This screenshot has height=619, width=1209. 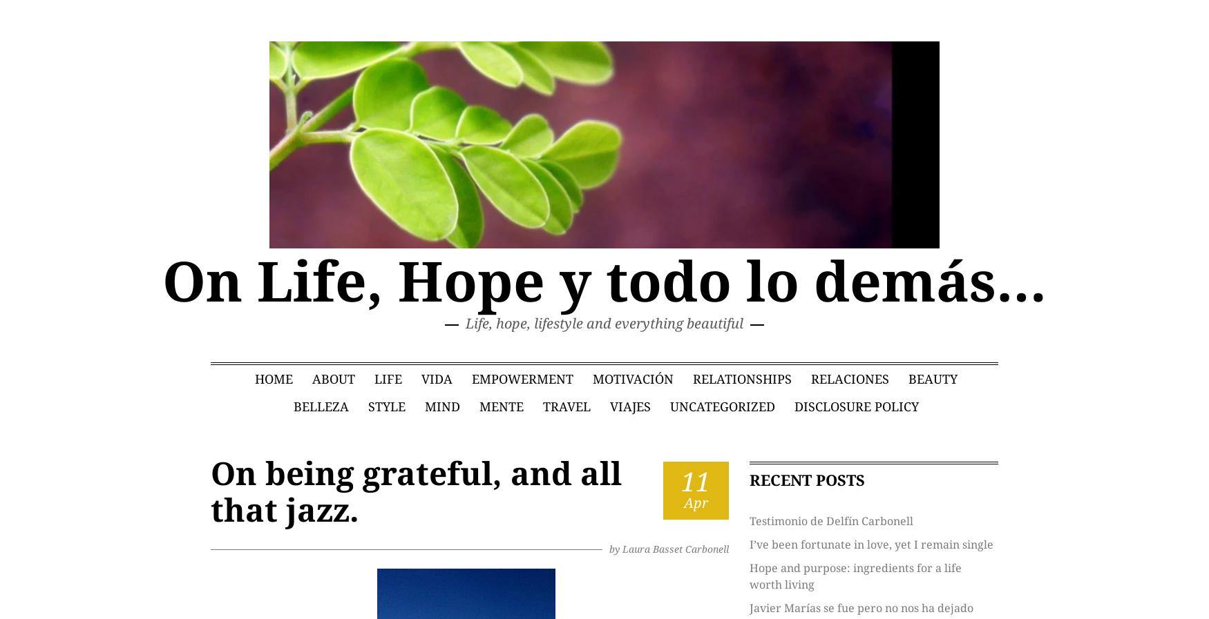 I want to click on 'Javier Marías se fue pero no nos ha dejado', so click(x=861, y=608).